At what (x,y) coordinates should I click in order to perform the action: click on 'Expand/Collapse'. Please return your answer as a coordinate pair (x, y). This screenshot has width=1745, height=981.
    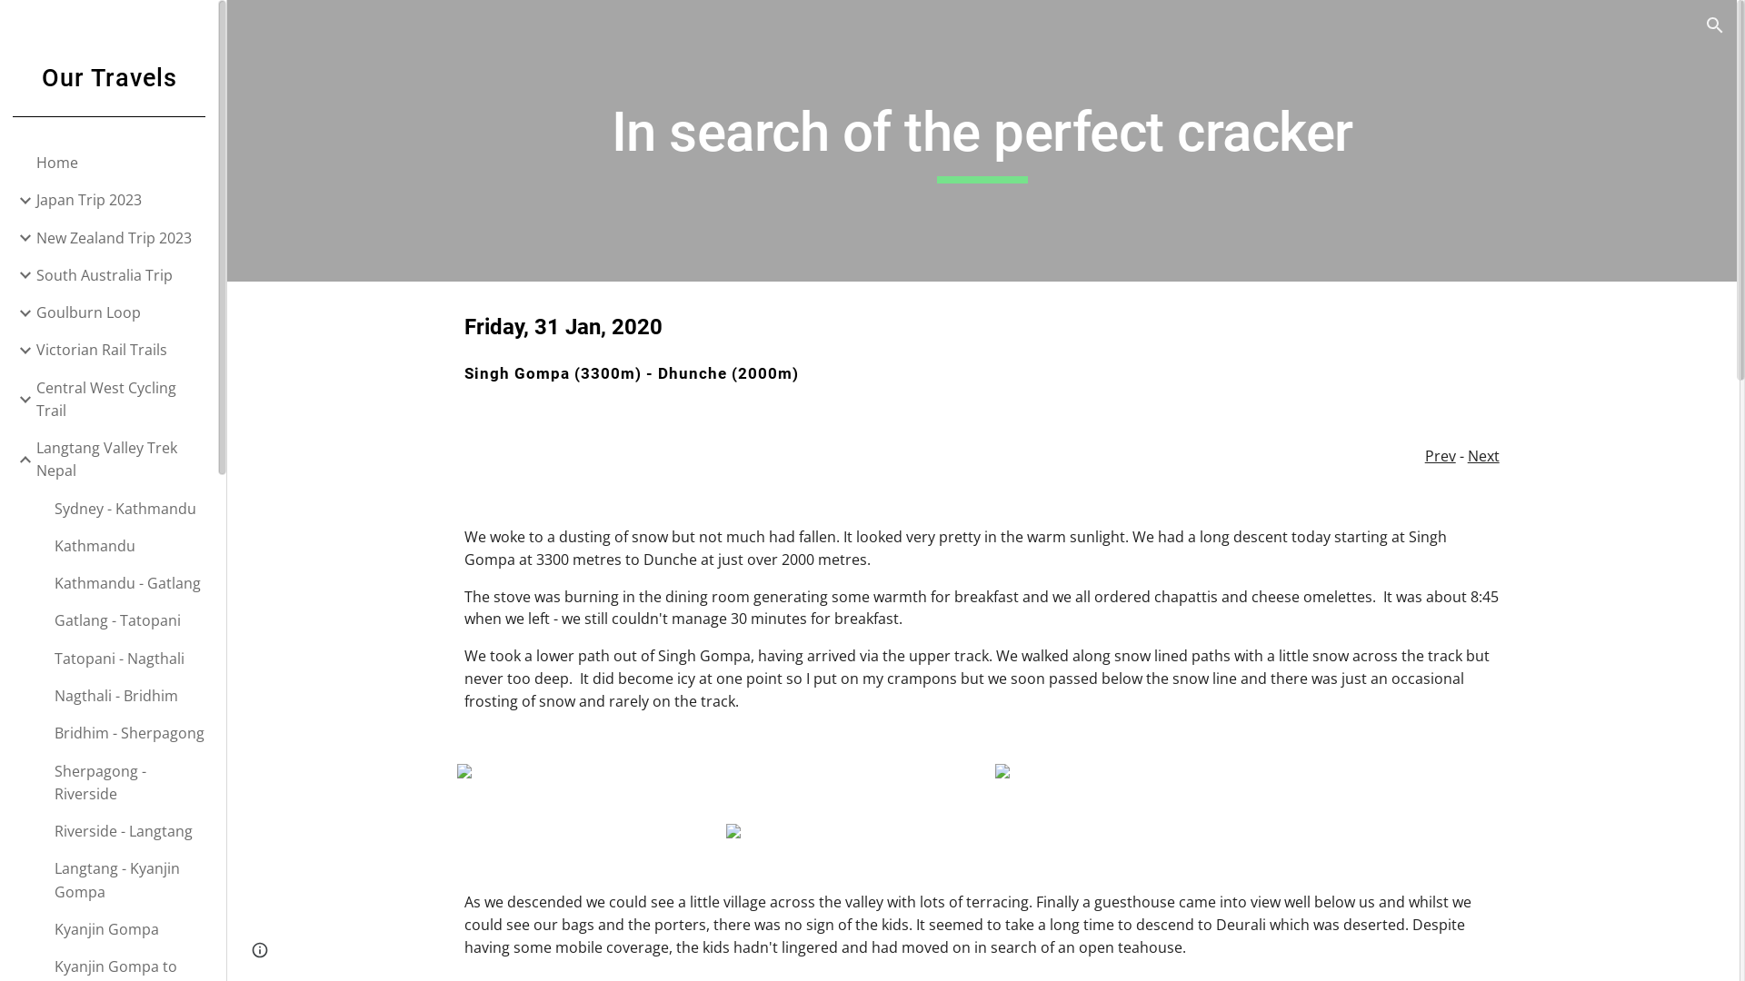
    Looking at the image, I should click on (20, 350).